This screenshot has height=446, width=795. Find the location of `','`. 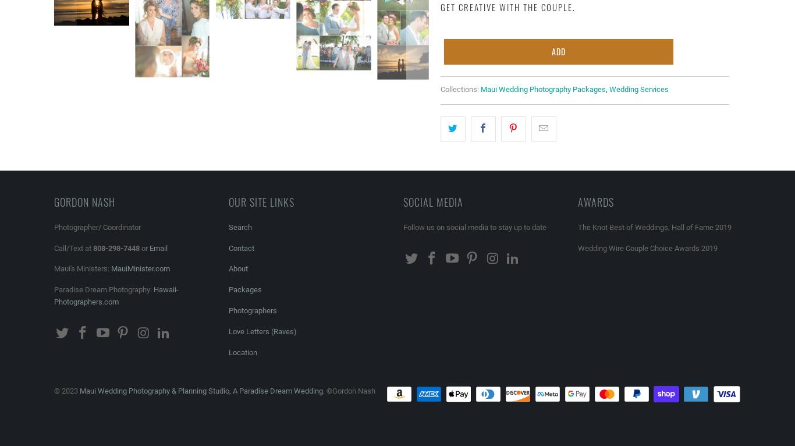

',' is located at coordinates (606, 89).